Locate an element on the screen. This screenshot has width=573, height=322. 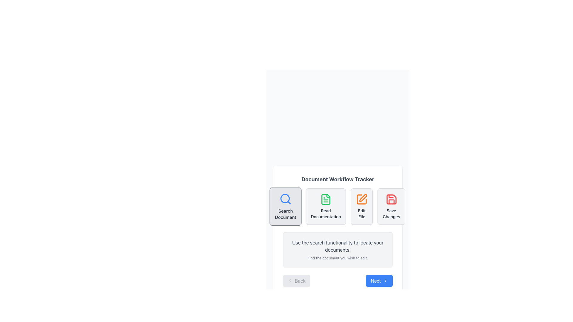
the centered text element displaying the phrase 'Use the search functionality to locate your documents.' which is styled in a normal font size with a neutral gray color is located at coordinates (338, 246).